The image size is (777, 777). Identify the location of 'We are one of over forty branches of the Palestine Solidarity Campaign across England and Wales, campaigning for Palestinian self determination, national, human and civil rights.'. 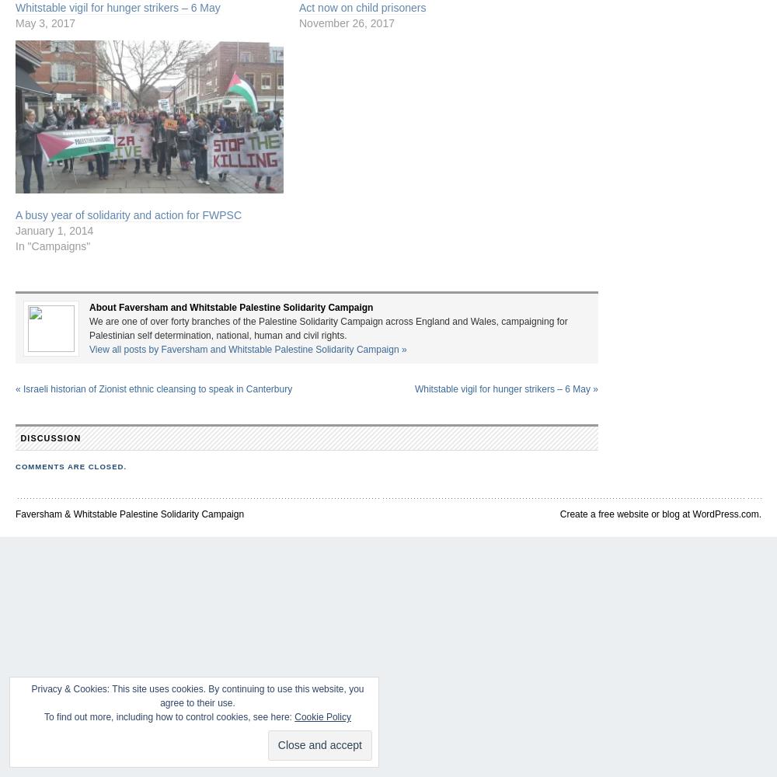
(328, 328).